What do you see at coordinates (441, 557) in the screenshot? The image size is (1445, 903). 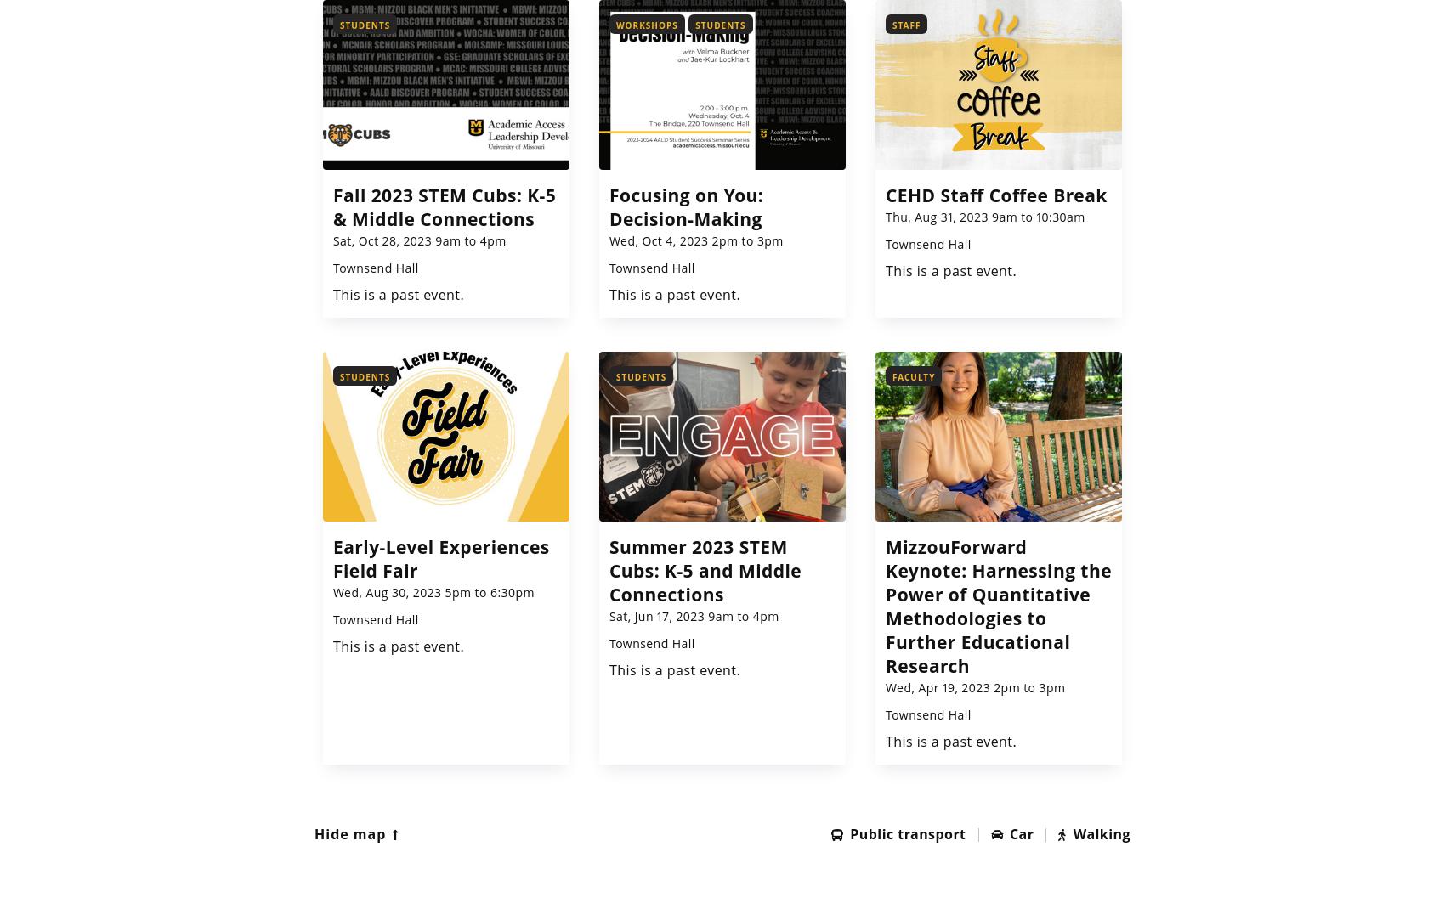 I see `'Early-Level Experiences Field Fair'` at bounding box center [441, 557].